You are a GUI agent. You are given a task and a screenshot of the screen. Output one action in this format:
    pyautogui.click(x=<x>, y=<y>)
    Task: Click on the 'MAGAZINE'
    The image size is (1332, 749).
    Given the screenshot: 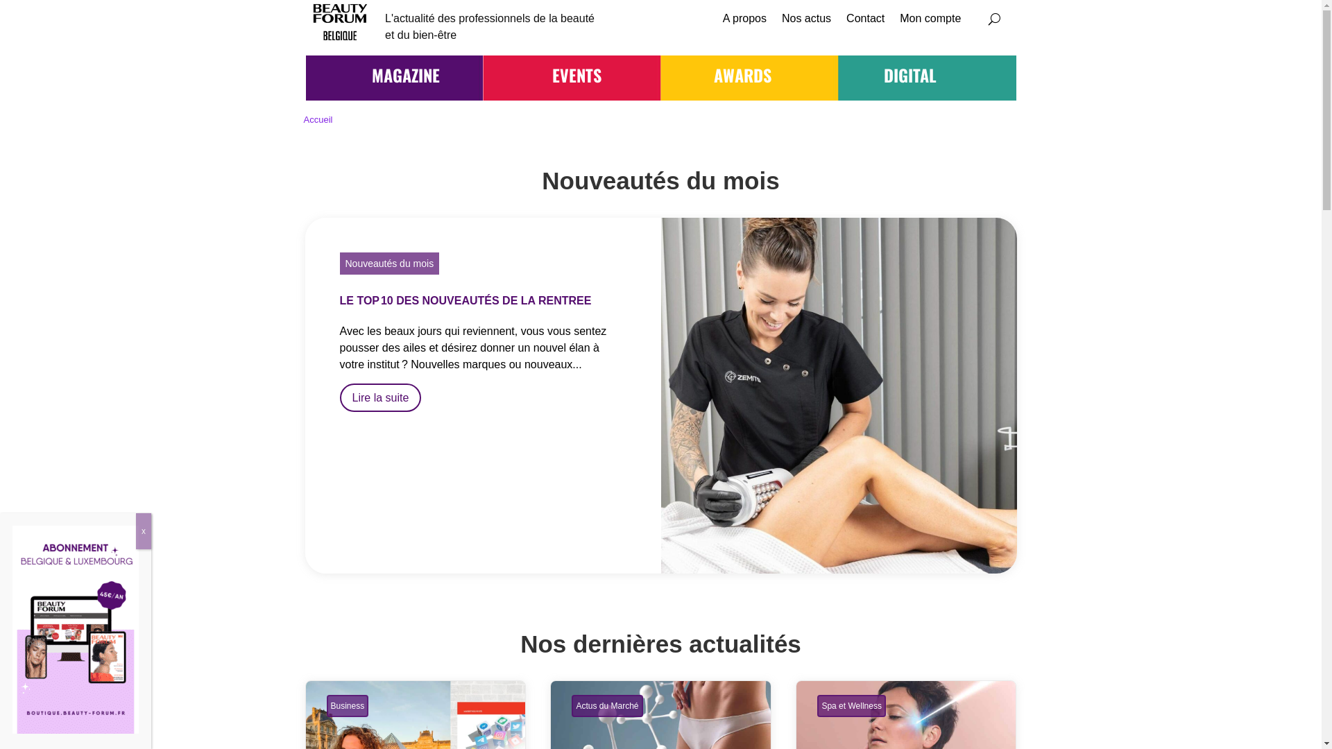 What is the action you would take?
    pyautogui.click(x=405, y=75)
    